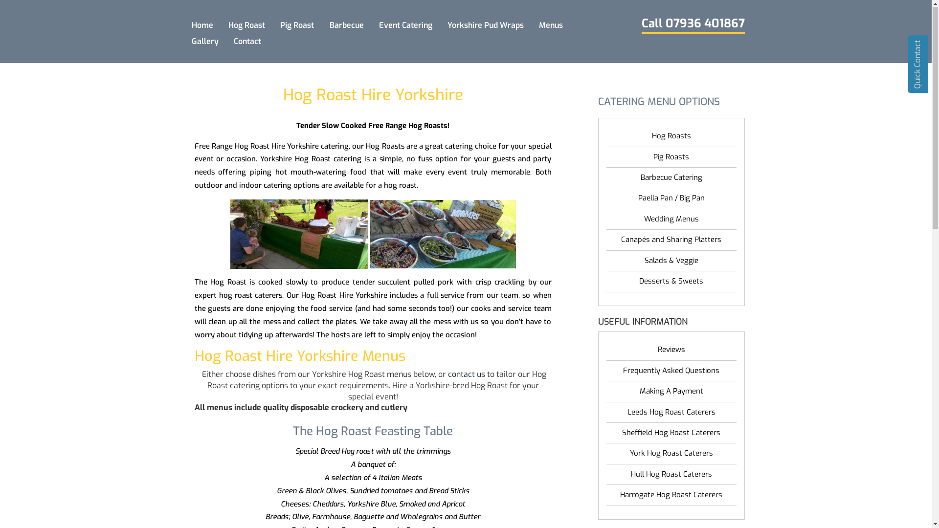  I want to click on 'Hog Roasts', so click(671, 136).